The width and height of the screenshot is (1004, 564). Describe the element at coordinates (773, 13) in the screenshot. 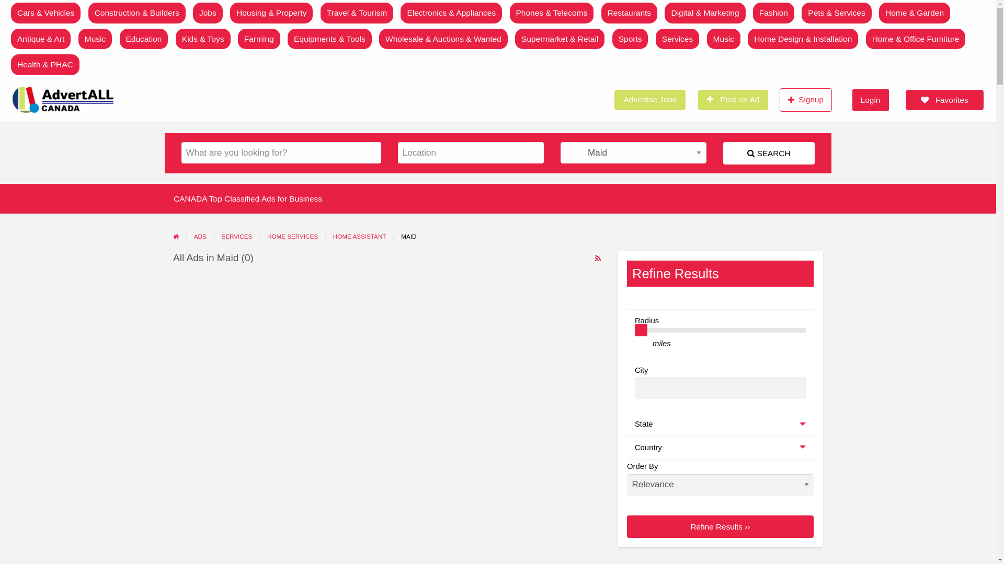

I see `'Fashion'` at that location.